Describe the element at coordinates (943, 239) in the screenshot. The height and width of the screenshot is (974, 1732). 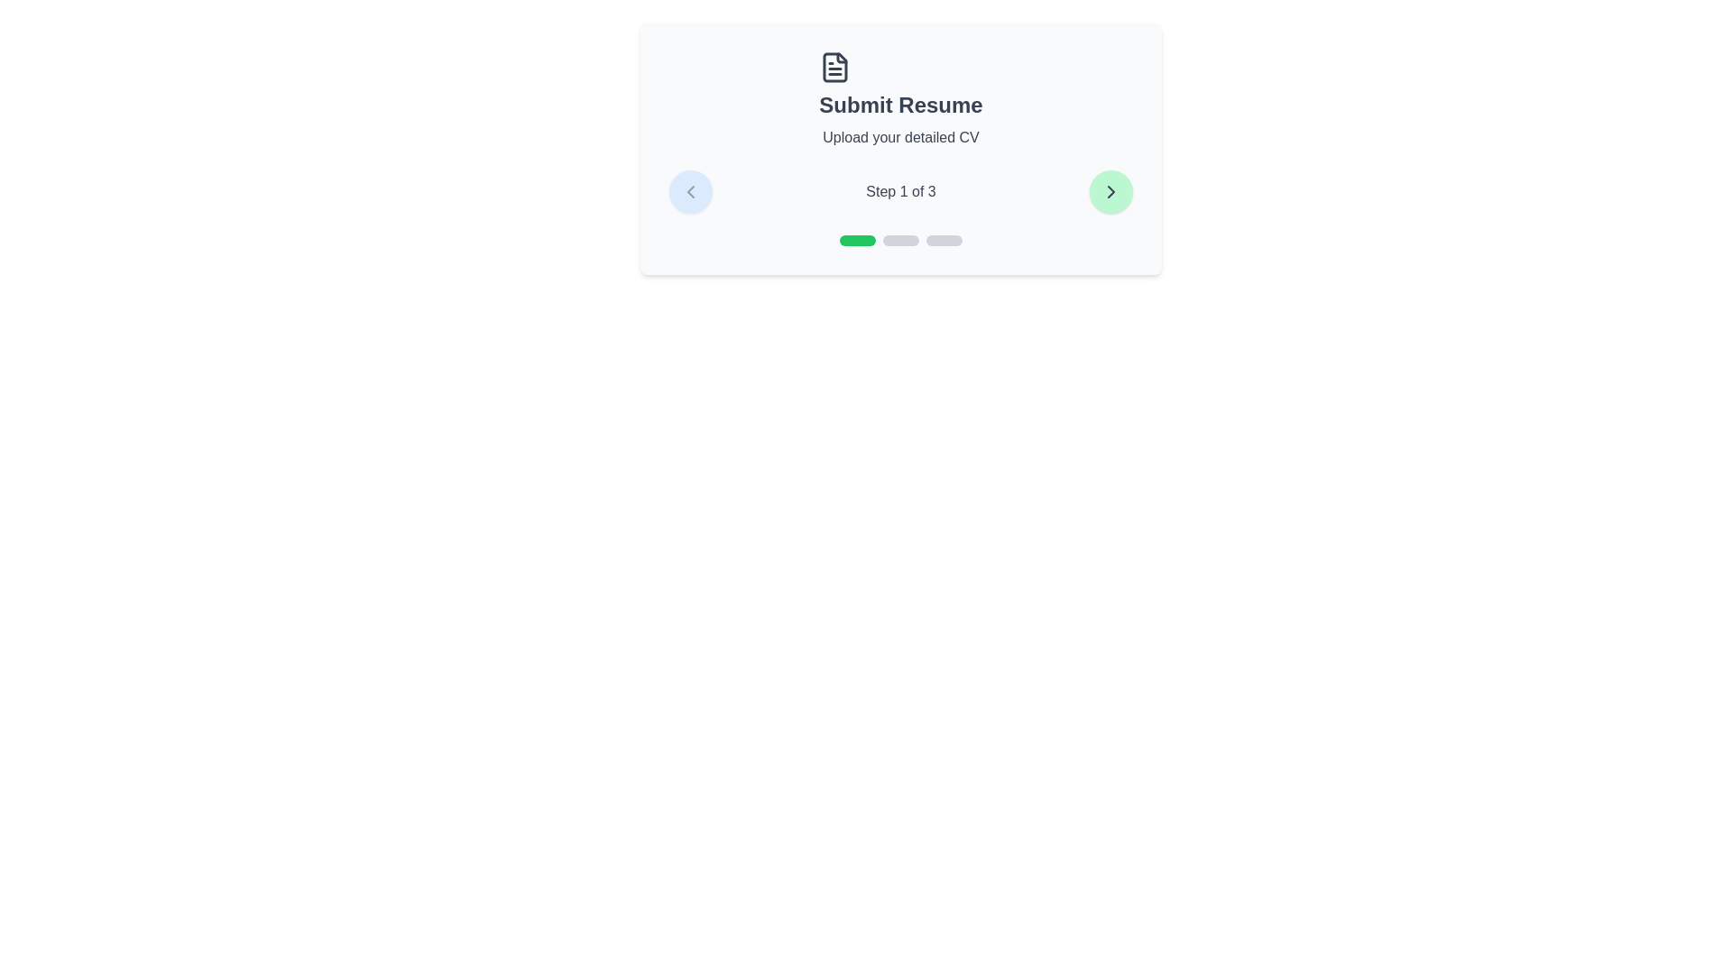
I see `the step progress indicator to navigate to step 3` at that location.